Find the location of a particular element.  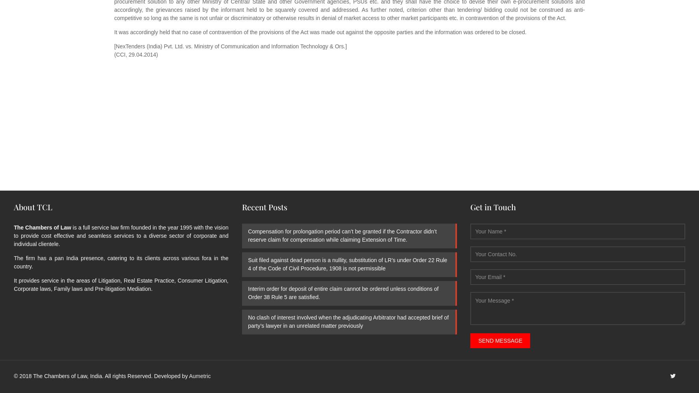

'Recent Posts' is located at coordinates (264, 207).